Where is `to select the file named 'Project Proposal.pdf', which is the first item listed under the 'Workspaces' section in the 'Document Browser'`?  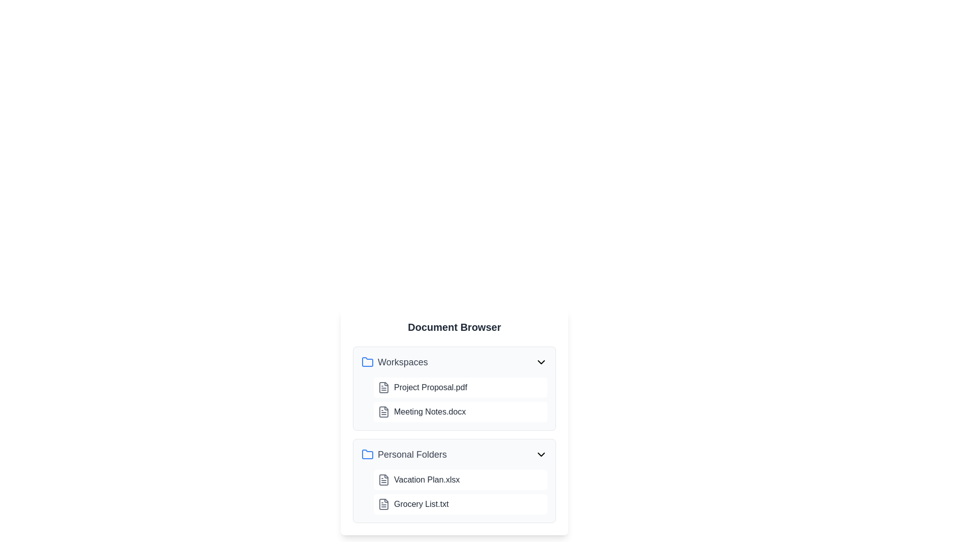 to select the file named 'Project Proposal.pdf', which is the first item listed under the 'Workspaces' section in the 'Document Browser' is located at coordinates (460, 387).